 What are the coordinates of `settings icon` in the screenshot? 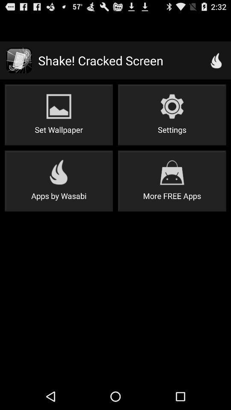 It's located at (172, 114).